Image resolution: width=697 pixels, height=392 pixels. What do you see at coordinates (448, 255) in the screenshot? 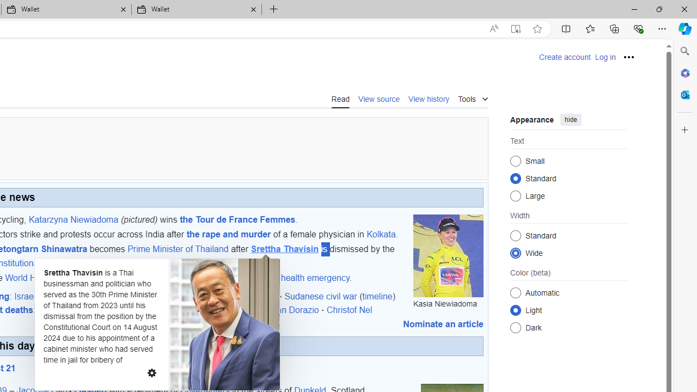
I see `'Kasia Niewiadoma'` at bounding box center [448, 255].